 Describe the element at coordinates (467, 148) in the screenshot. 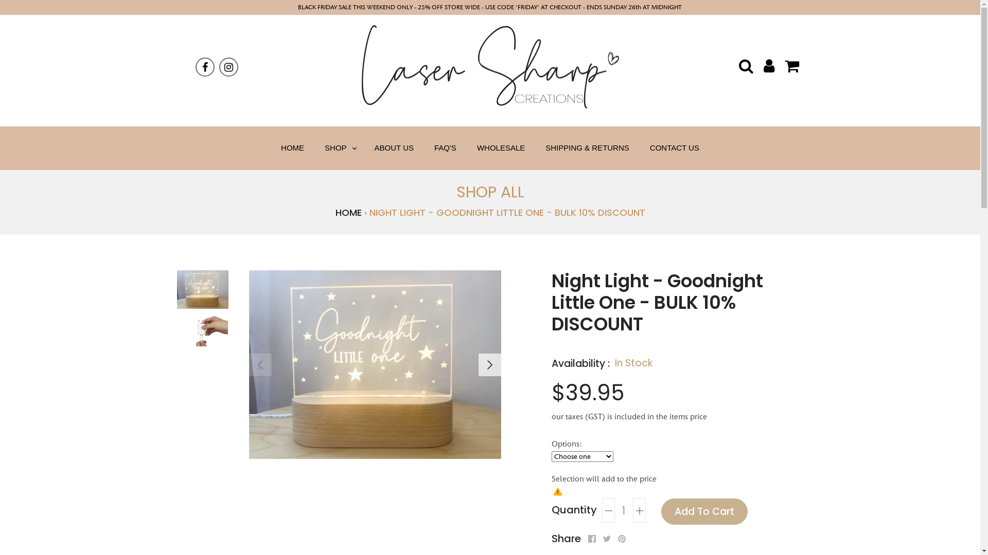

I see `'WHOLESALE'` at that location.